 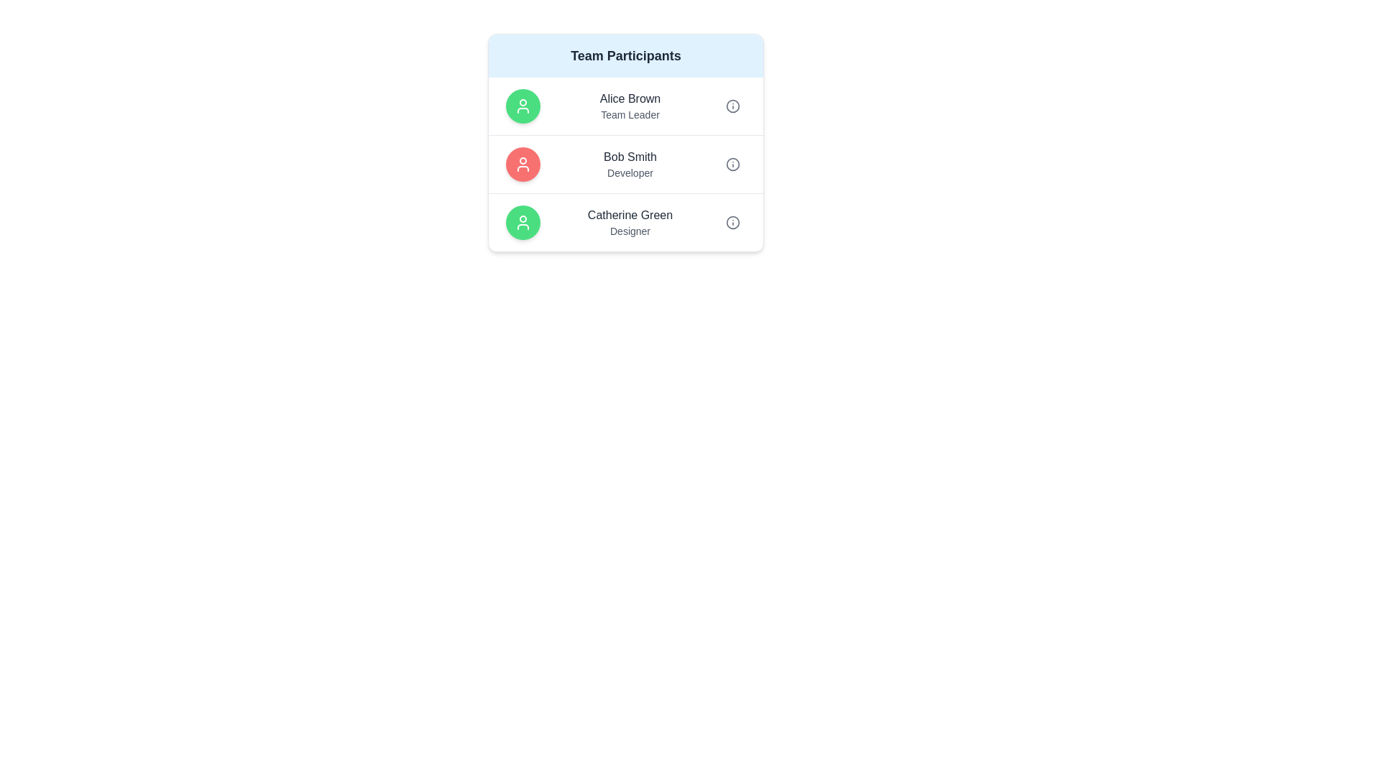 What do you see at coordinates (523, 105) in the screenshot?
I see `the circular user silhouette icon within the green area, which is the third item under 'Team Participants' labeled 'Catherine Green Designer'` at bounding box center [523, 105].